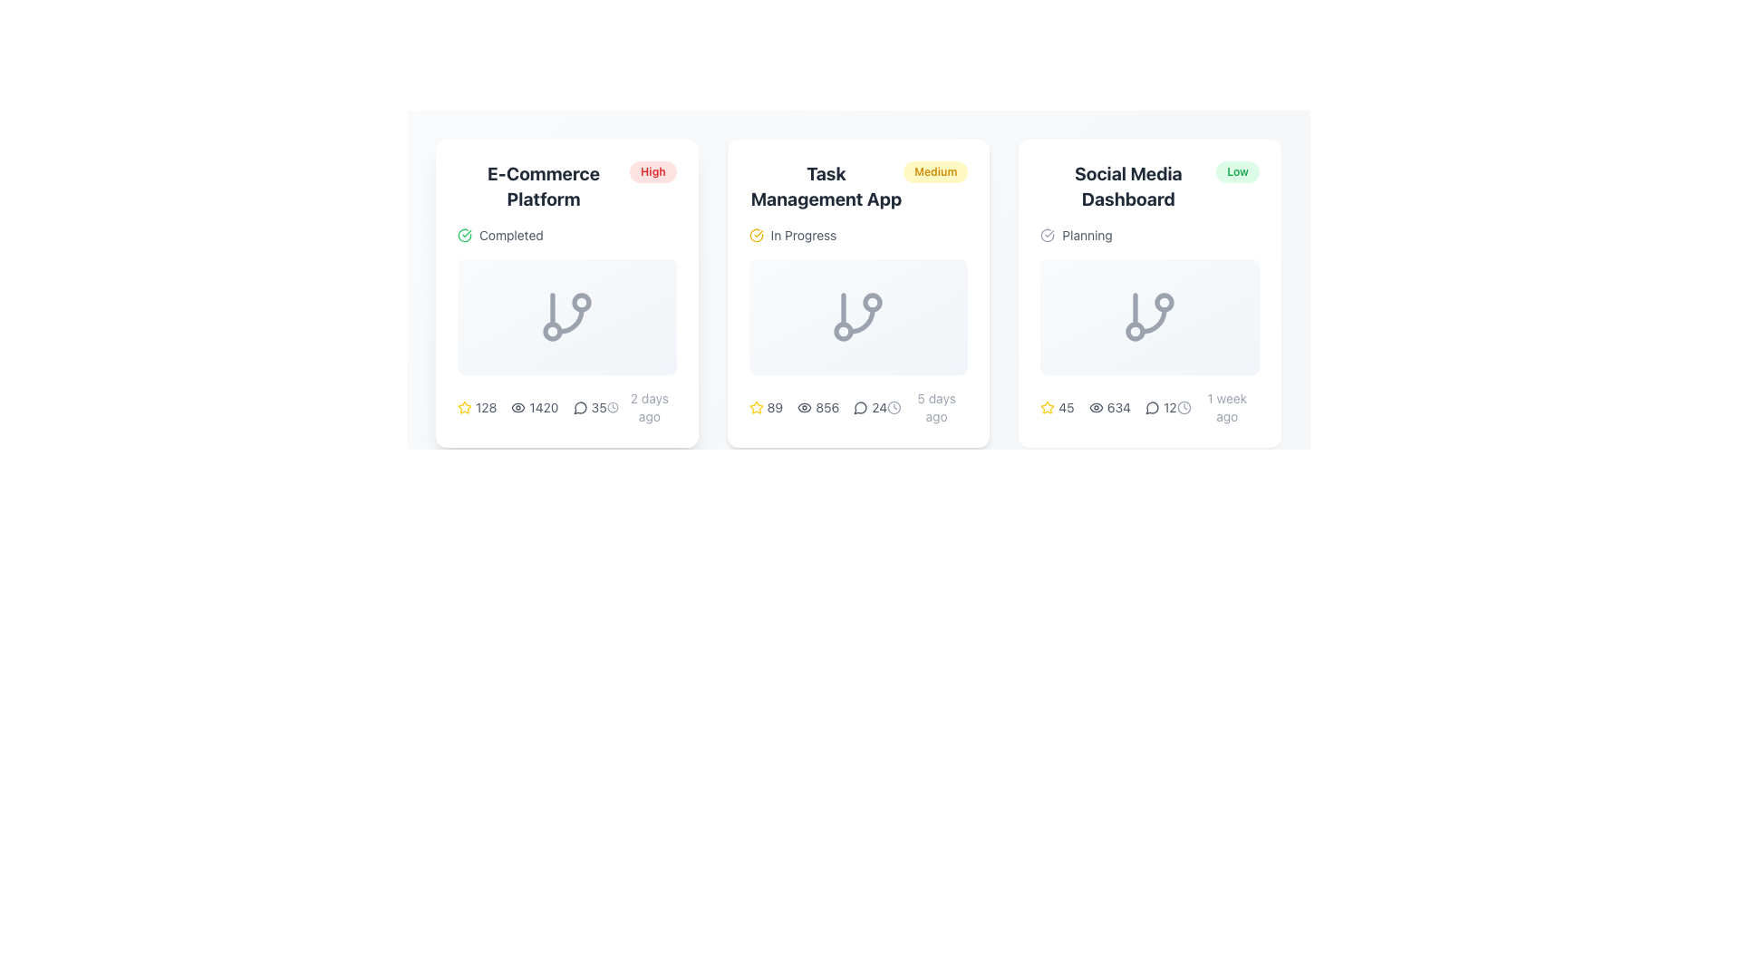  What do you see at coordinates (565, 408) in the screenshot?
I see `the informational display section located at the bottom of the 'E-Commerce Platform' card` at bounding box center [565, 408].